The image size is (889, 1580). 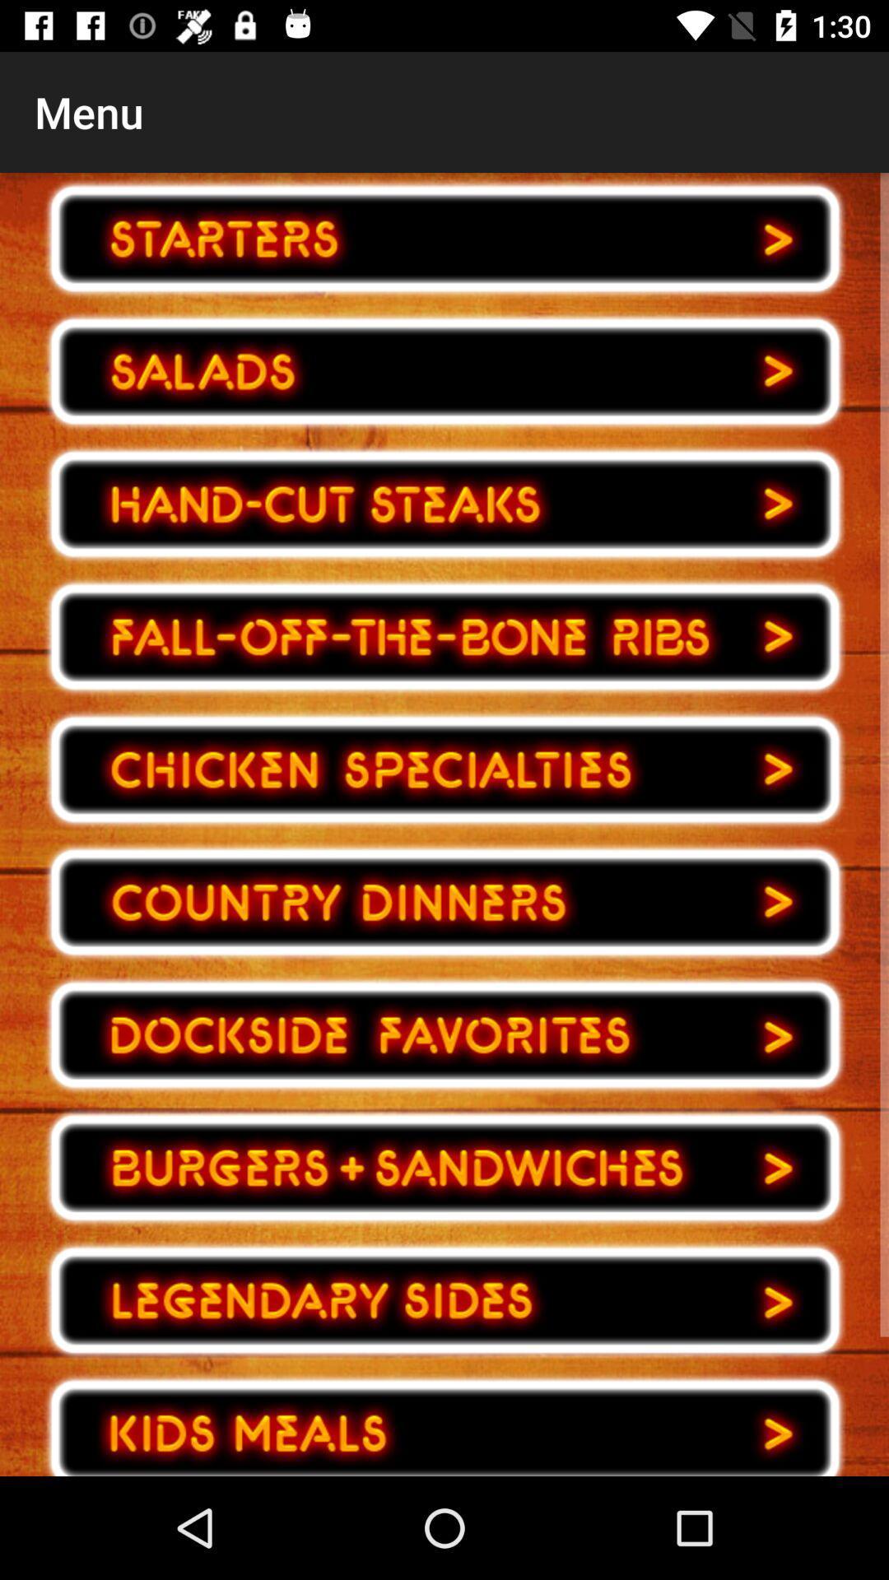 What do you see at coordinates (444, 901) in the screenshot?
I see `menu bar` at bounding box center [444, 901].